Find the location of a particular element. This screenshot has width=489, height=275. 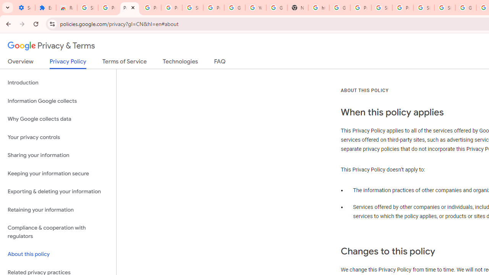

'Reviews: Helix Fruit Jump Arcade Game' is located at coordinates (66, 8).